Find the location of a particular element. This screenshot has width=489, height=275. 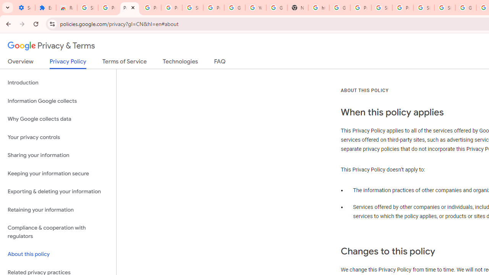

'Reviews: Helix Fruit Jump Arcade Game' is located at coordinates (66, 8).